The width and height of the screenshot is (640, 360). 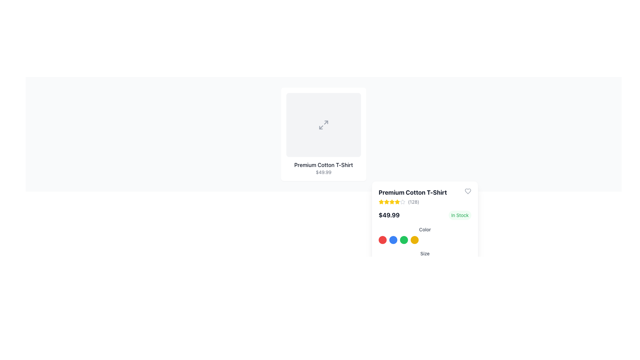 I want to click on the static text label that indicates the price of the 'Premium Cotton T-Shirt' located centrally below the product image and title within the product preview card, so click(x=323, y=172).